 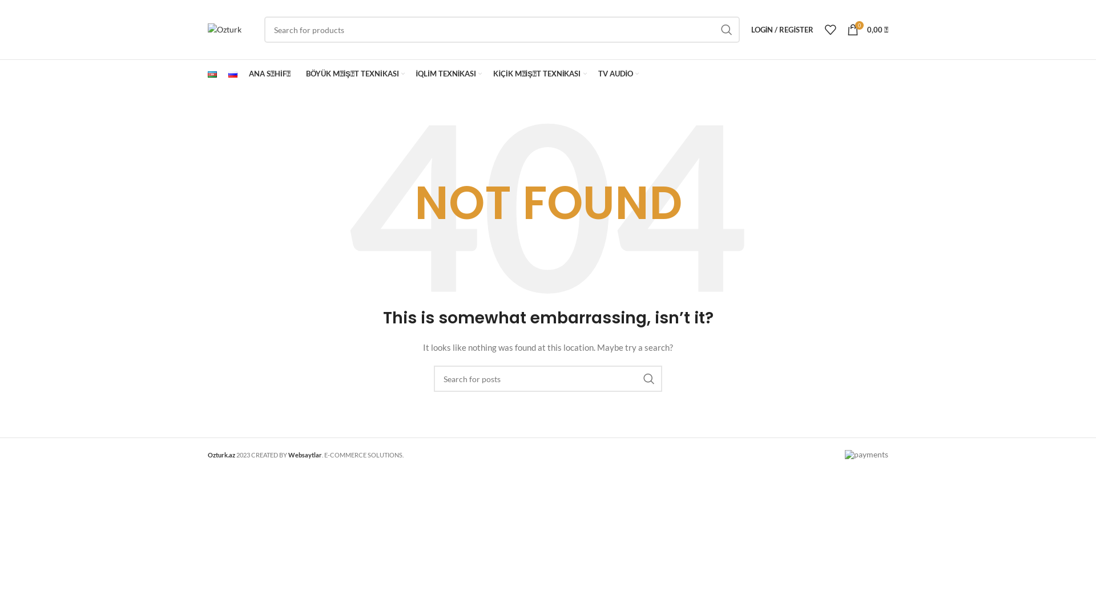 I want to click on 'SEARCH', so click(x=726, y=29).